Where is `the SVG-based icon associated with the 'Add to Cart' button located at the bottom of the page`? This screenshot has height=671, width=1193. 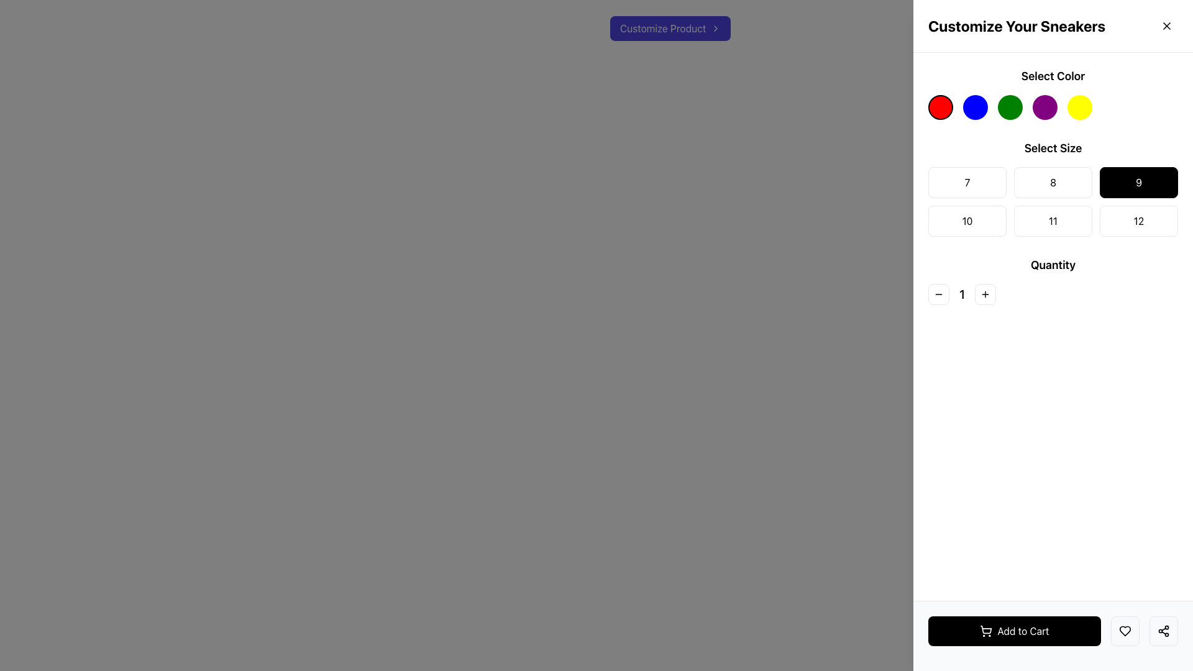
the SVG-based icon associated with the 'Add to Cart' button located at the bottom of the page is located at coordinates (985, 629).